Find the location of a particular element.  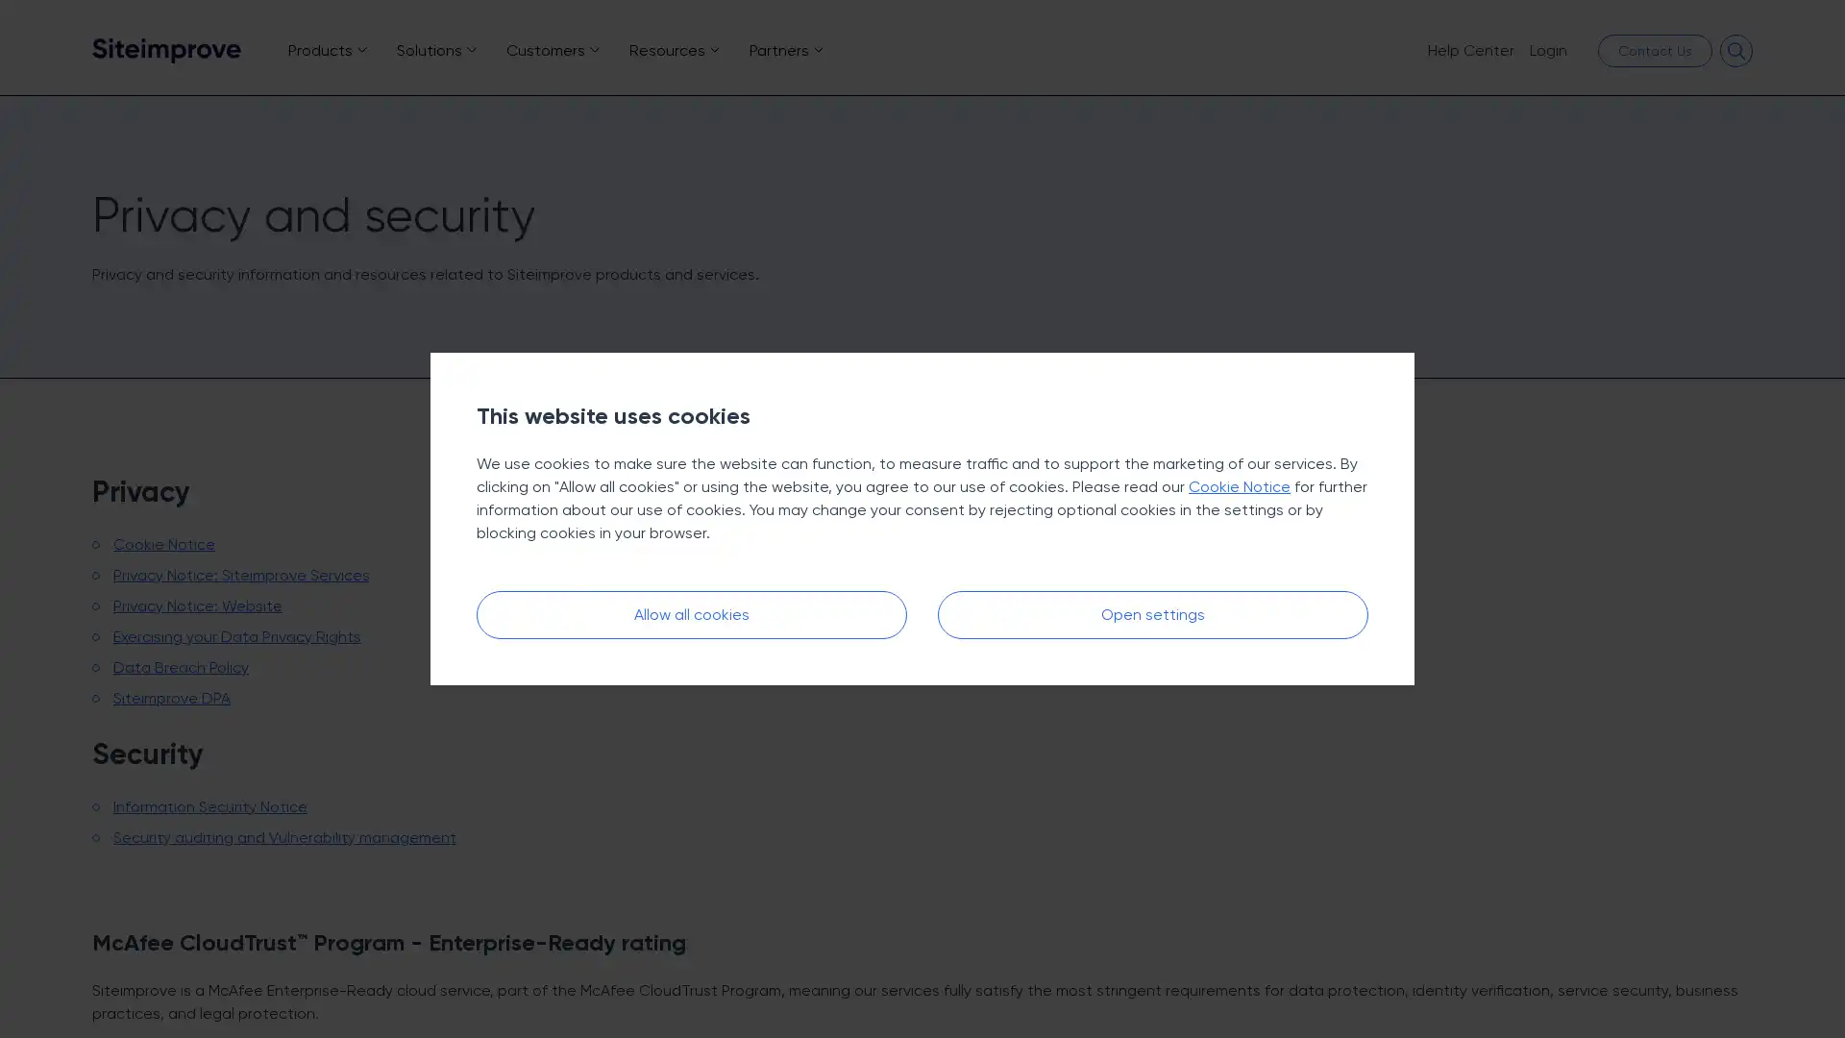

Customers is located at coordinates (551, 48).